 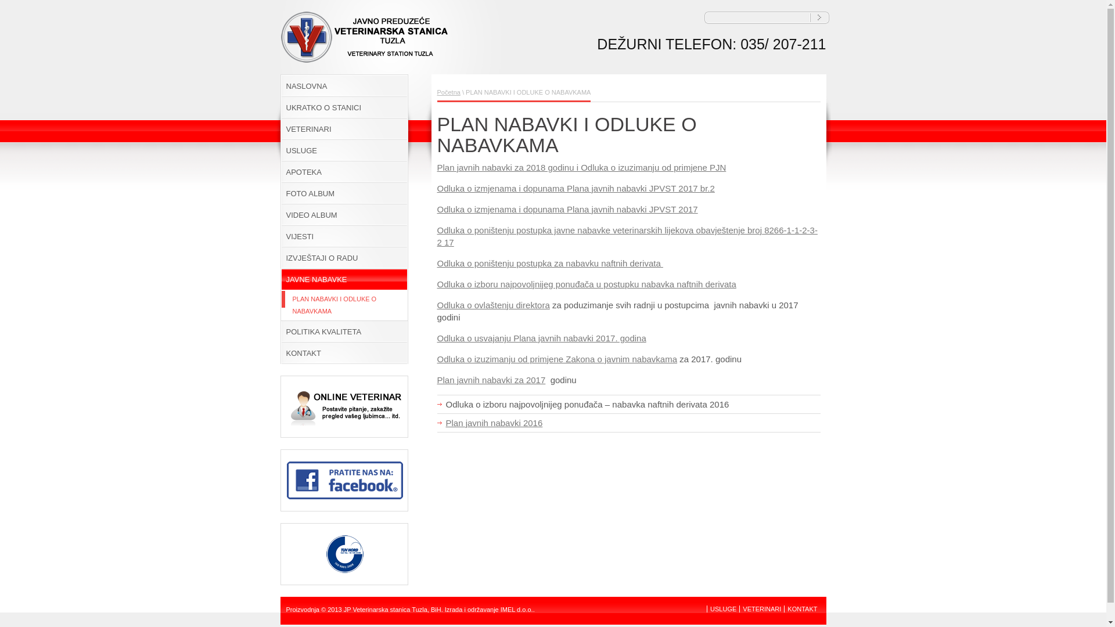 What do you see at coordinates (761, 608) in the screenshot?
I see `'VETERINARI'` at bounding box center [761, 608].